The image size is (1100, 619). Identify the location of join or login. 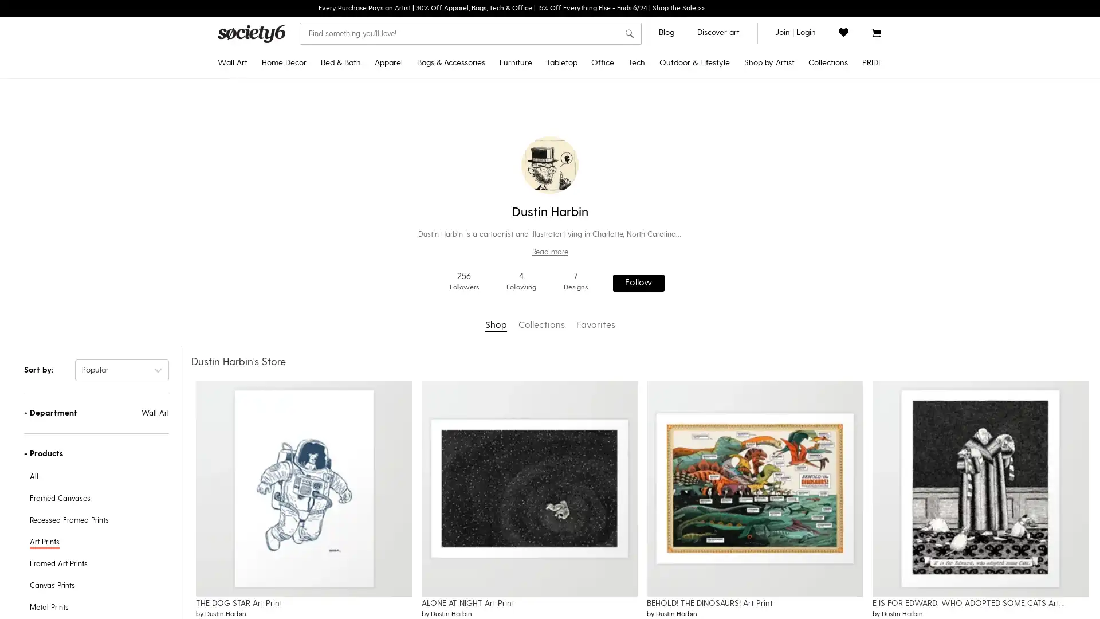
(795, 32).